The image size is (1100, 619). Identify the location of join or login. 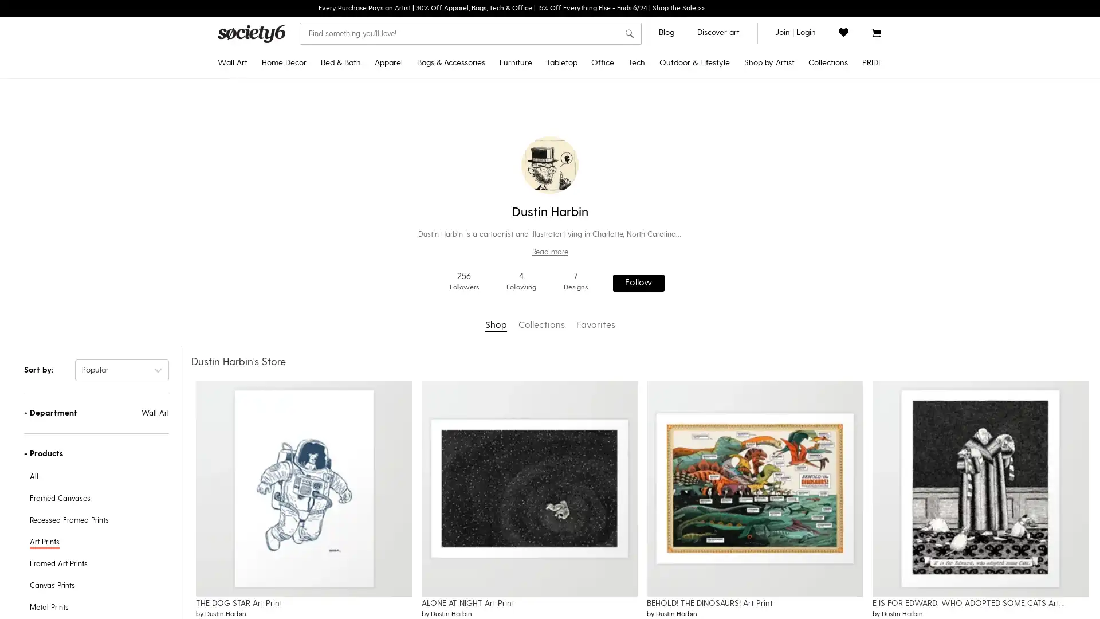
(795, 32).